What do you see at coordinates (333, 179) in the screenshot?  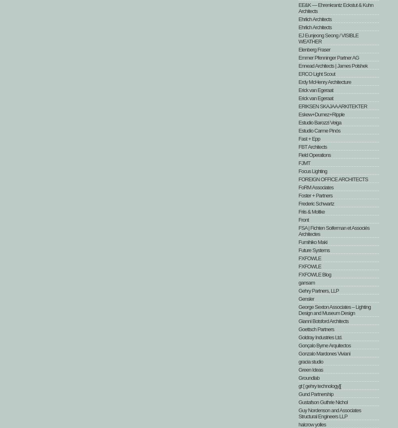 I see `'FOREIGN OFFICE ARCHITECTS'` at bounding box center [333, 179].